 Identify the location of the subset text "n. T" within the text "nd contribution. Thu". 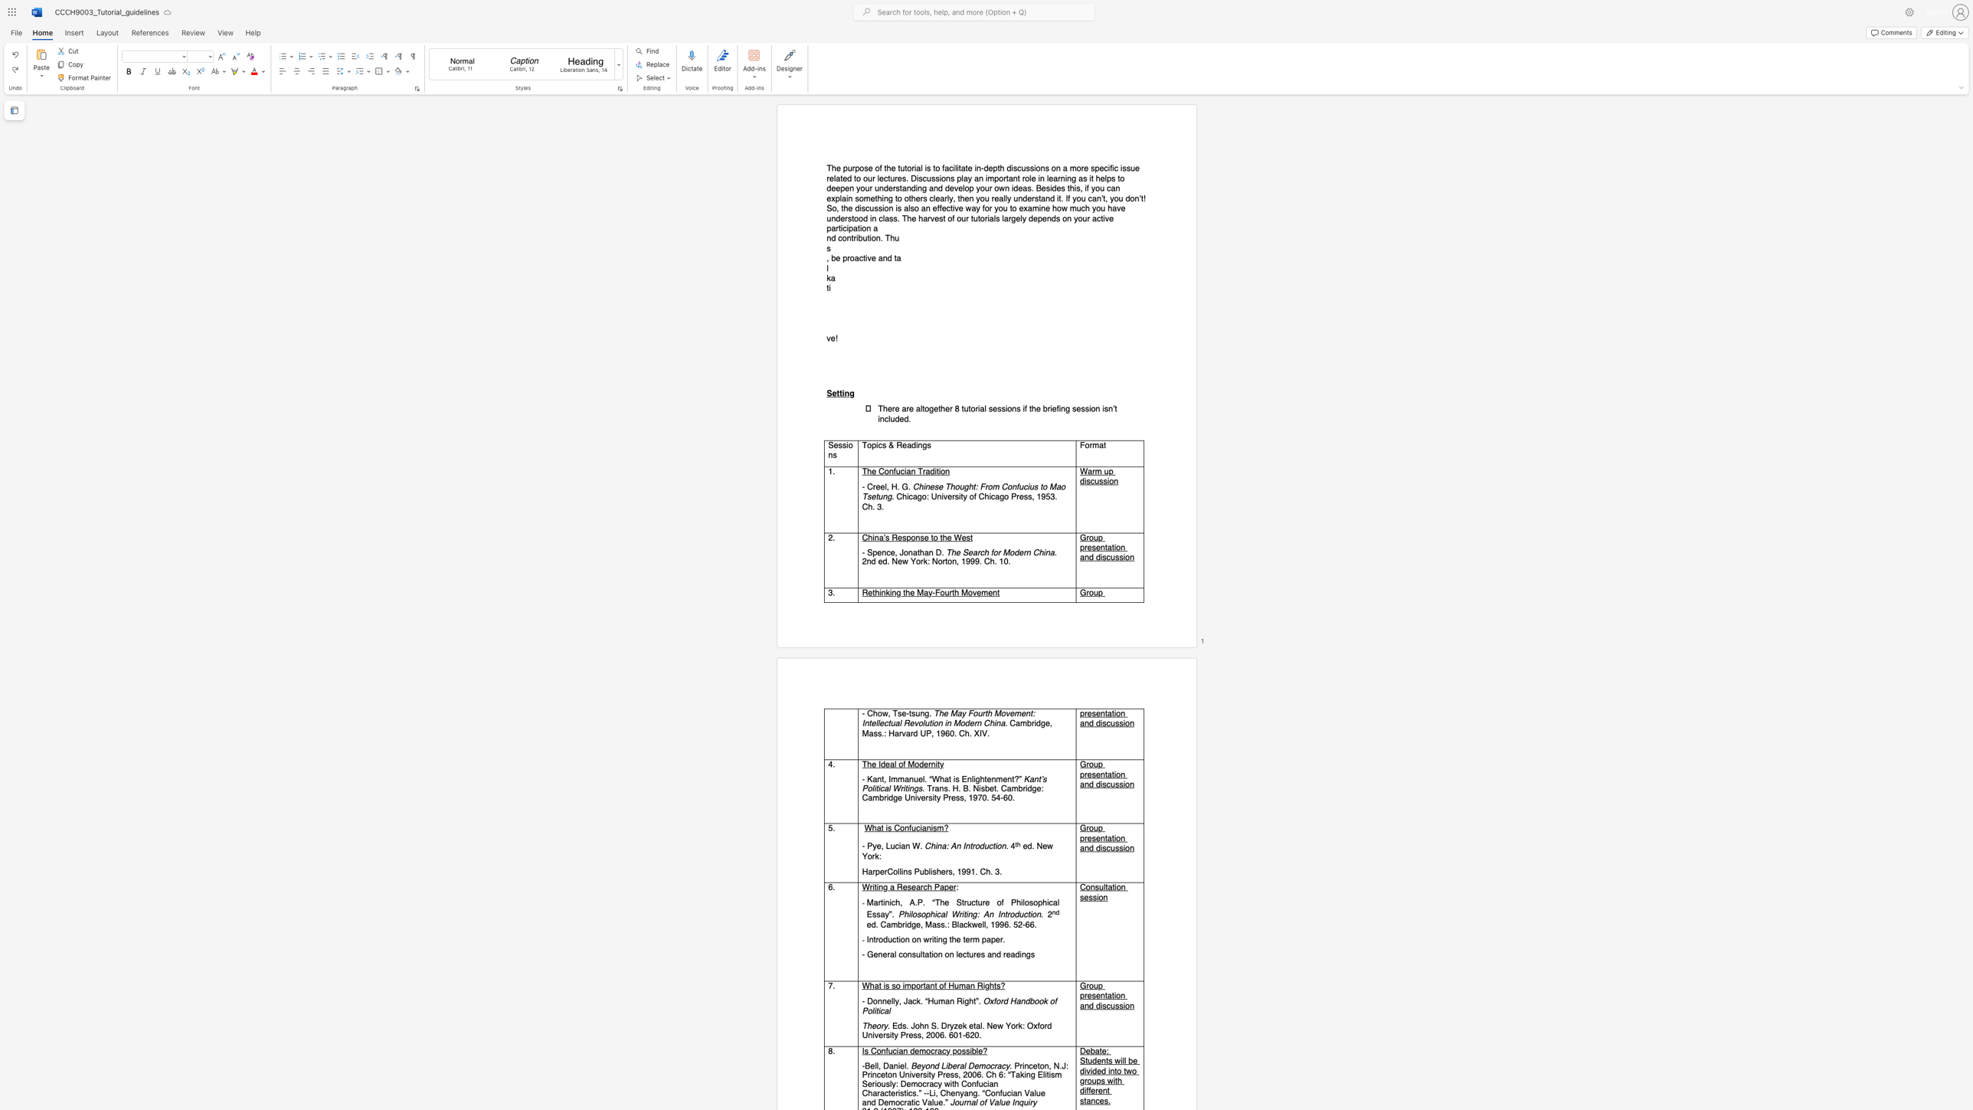
(875, 238).